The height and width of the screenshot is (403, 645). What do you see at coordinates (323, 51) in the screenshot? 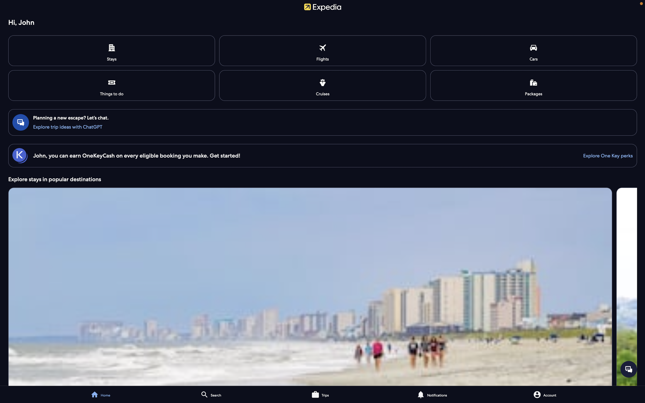
I see `flight number ABC1234 in the database` at bounding box center [323, 51].